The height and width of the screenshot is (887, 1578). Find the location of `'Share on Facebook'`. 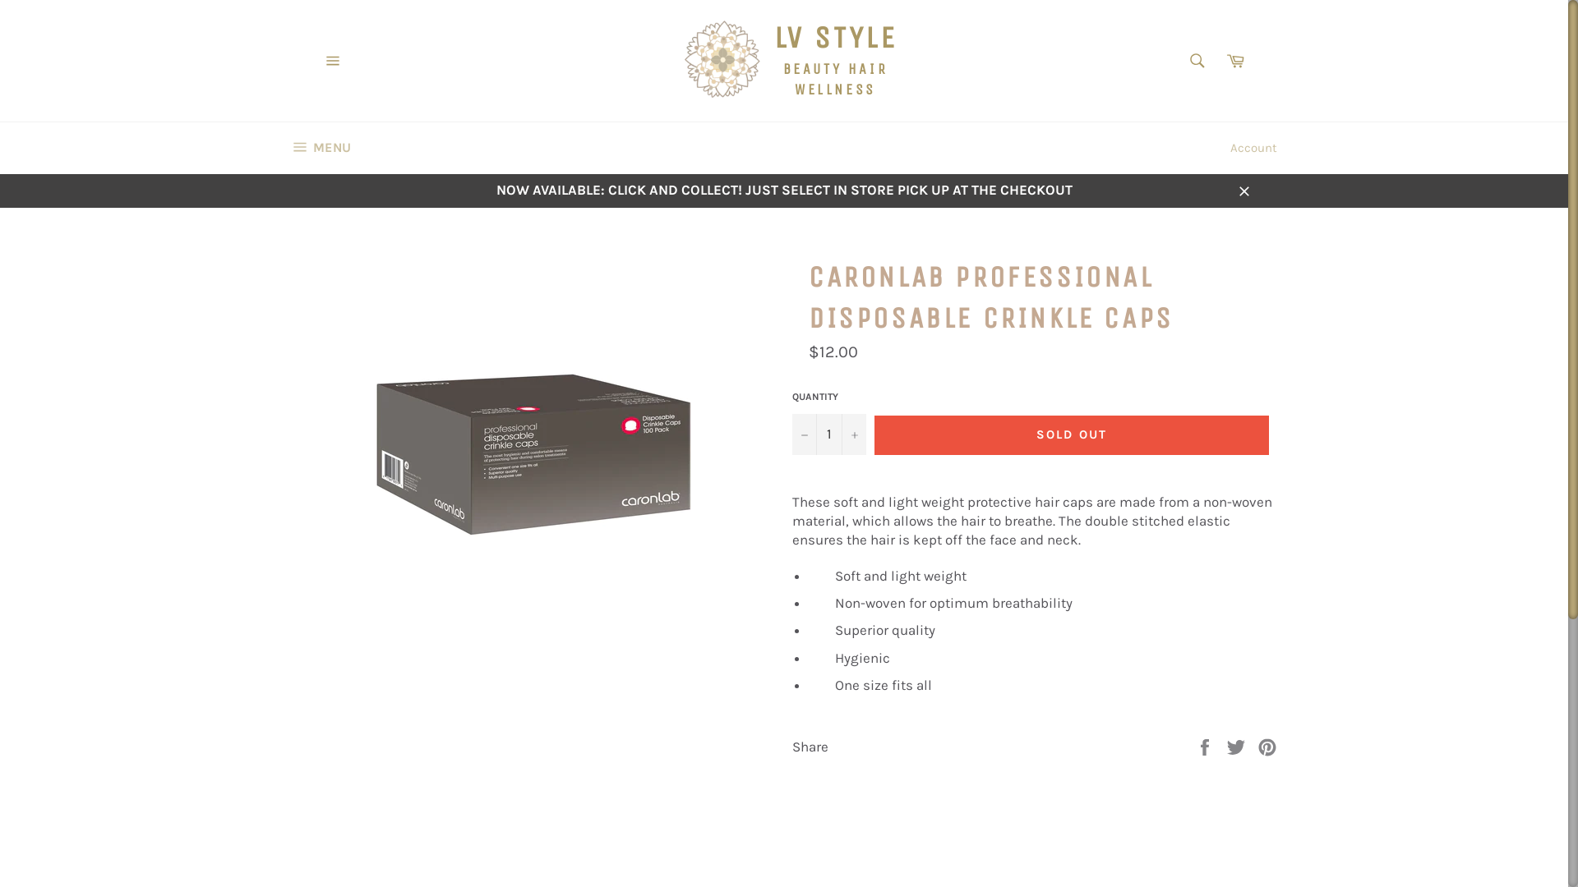

'Share on Facebook' is located at coordinates (1195, 747).